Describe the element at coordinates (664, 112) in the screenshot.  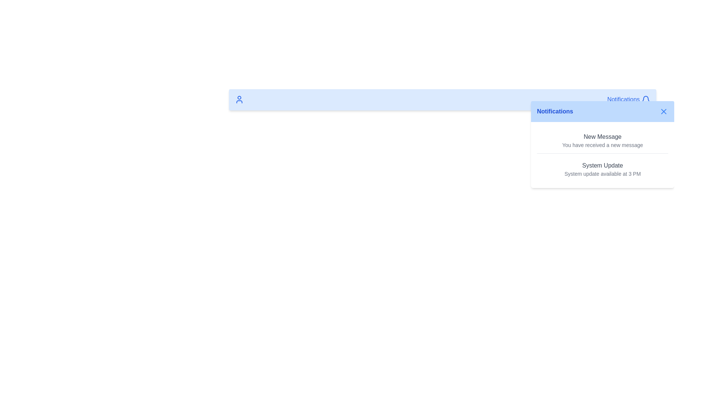
I see `the close button on the right end of the 'Notifications' header bar` at that location.